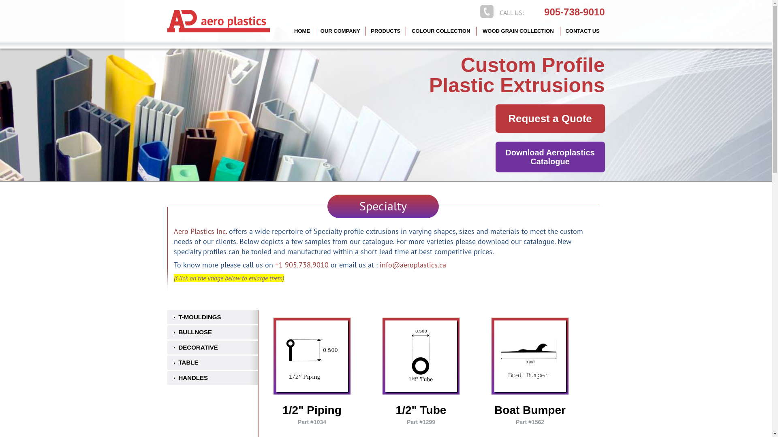 This screenshot has height=437, width=778. Describe the element at coordinates (301, 31) in the screenshot. I see `'HOME'` at that location.